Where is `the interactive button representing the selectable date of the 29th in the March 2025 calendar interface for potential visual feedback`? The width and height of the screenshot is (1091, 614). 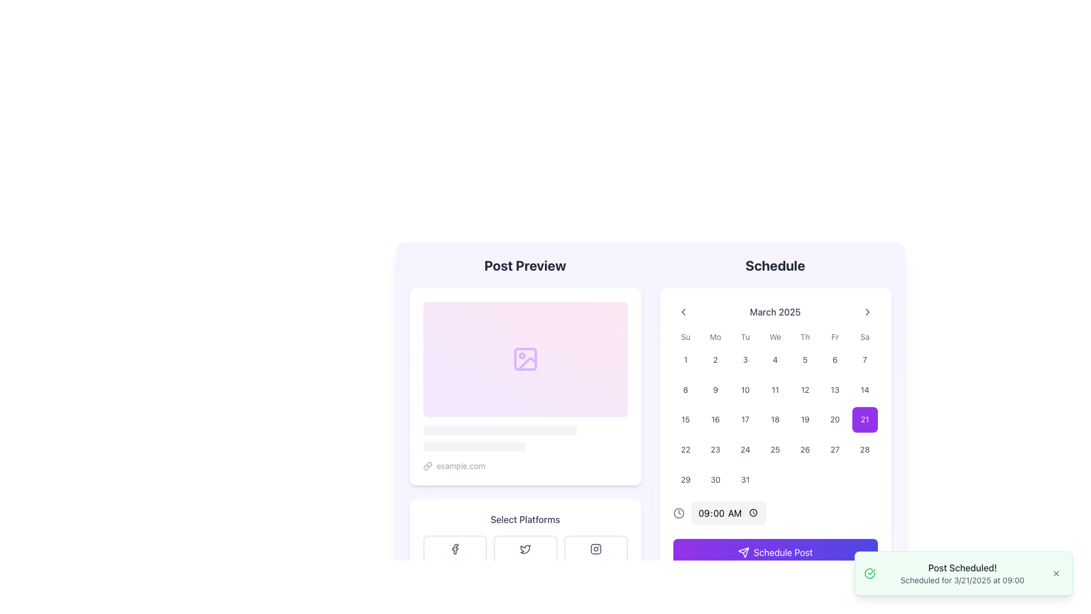
the interactive button representing the selectable date of the 29th in the March 2025 calendar interface for potential visual feedback is located at coordinates (685, 479).